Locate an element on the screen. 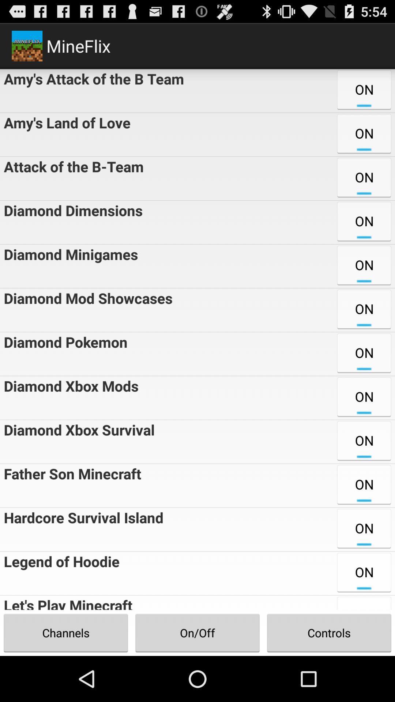 This screenshot has width=395, height=702. the app above diamond minigames is located at coordinates (71, 222).